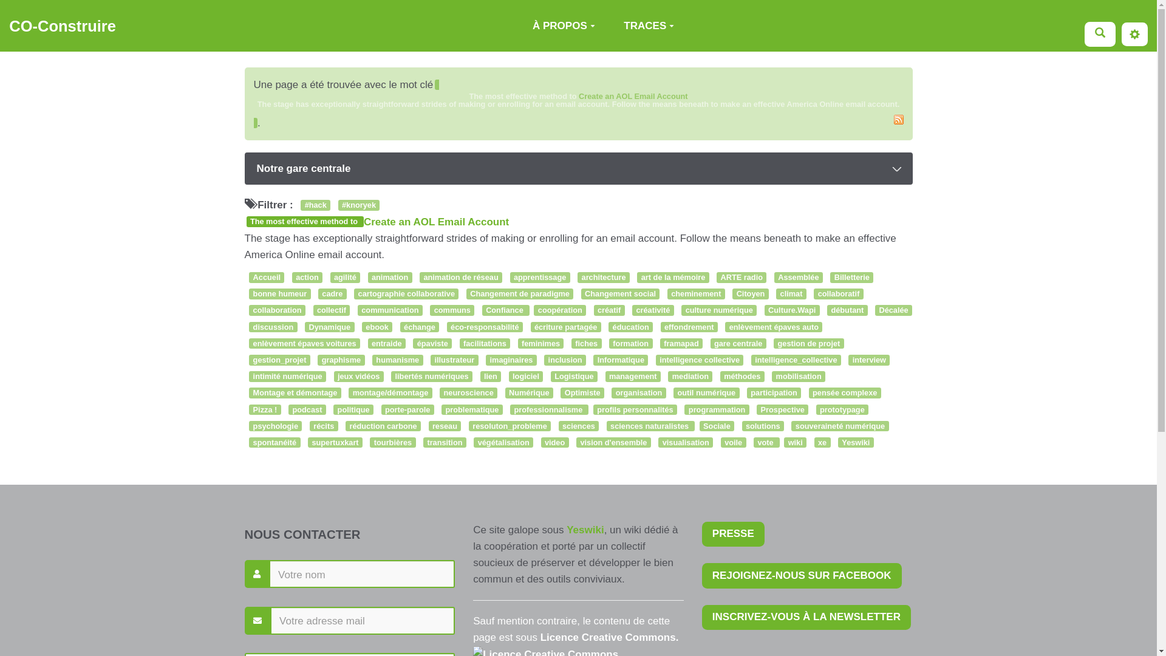 The image size is (1166, 656). Describe the element at coordinates (822, 443) in the screenshot. I see `'xe'` at that location.